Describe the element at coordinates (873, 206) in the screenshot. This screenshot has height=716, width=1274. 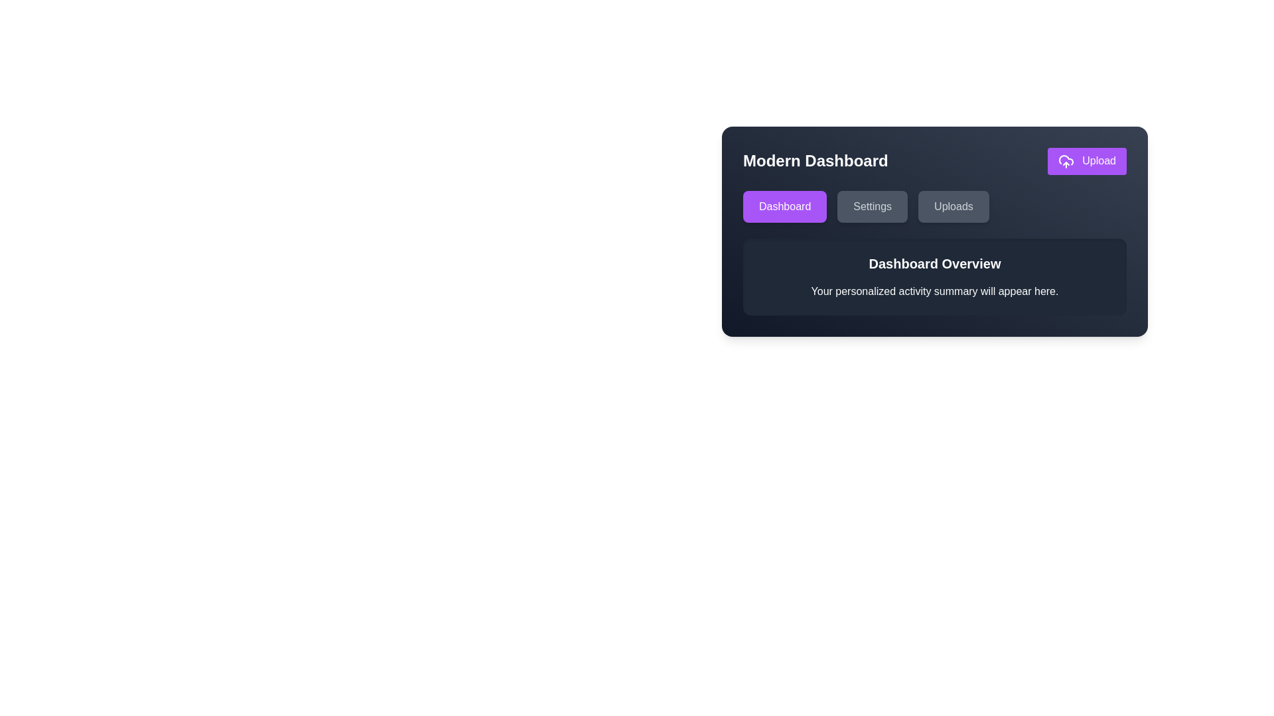
I see `the 'Settings' button, which is the second button in a horizontal row of three buttons in the navigation bar` at that location.